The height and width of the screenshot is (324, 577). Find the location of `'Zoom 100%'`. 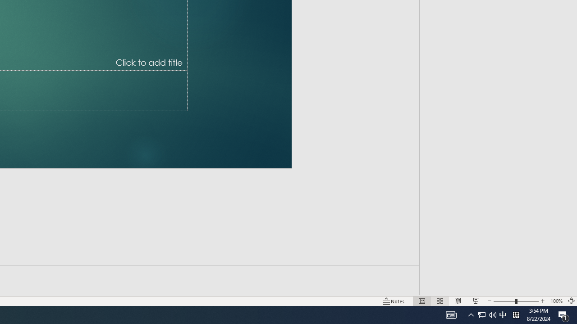

'Zoom 100%' is located at coordinates (556, 301).